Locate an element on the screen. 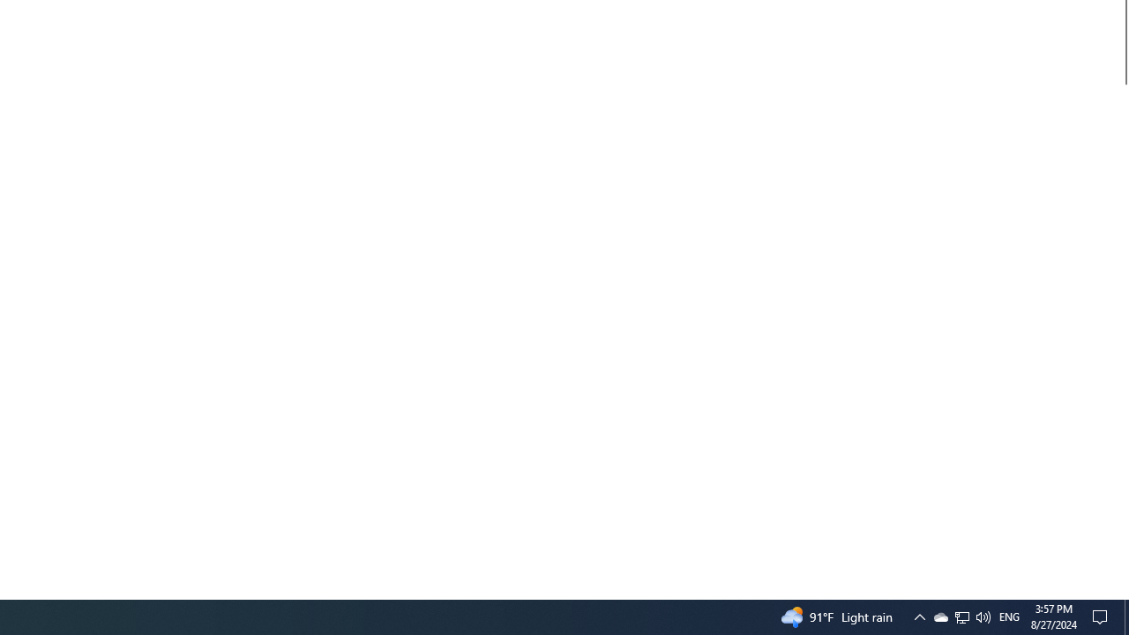  'User Promoted Notification Area' is located at coordinates (961, 616).